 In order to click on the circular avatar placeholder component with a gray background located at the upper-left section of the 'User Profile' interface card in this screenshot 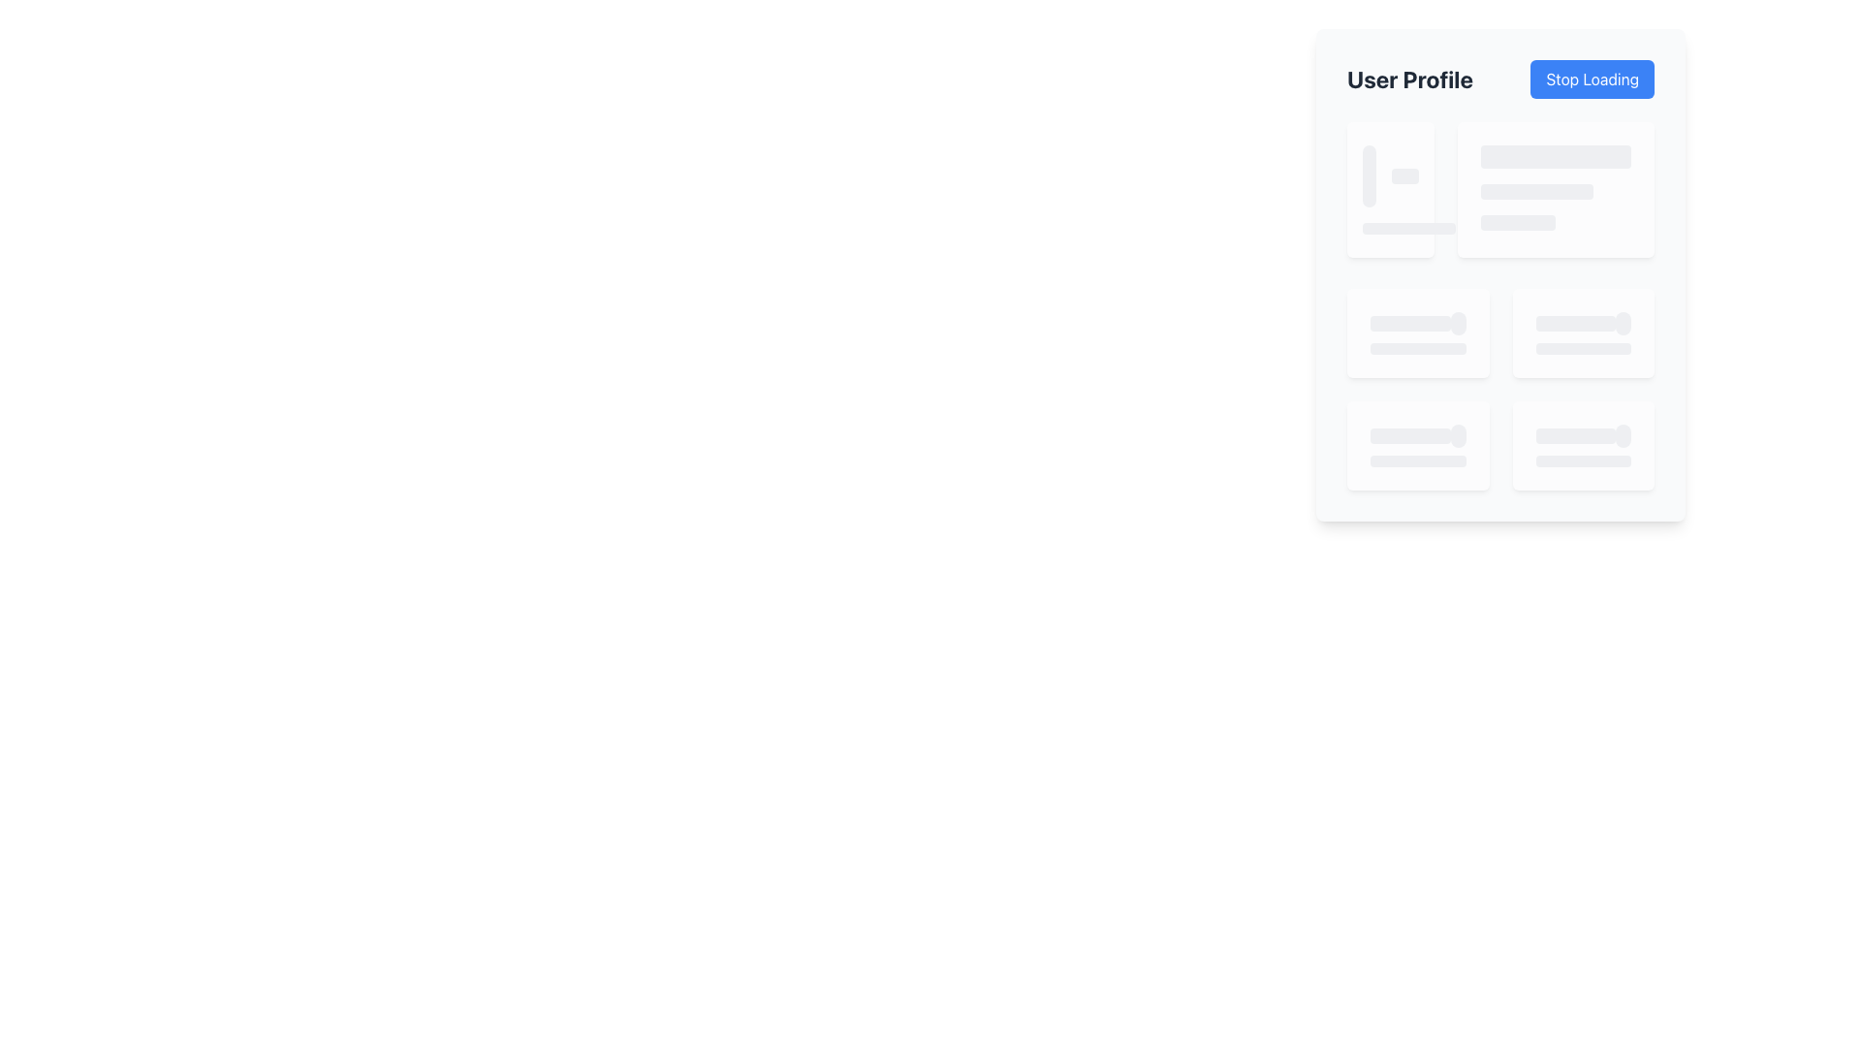, I will do `click(1368, 175)`.